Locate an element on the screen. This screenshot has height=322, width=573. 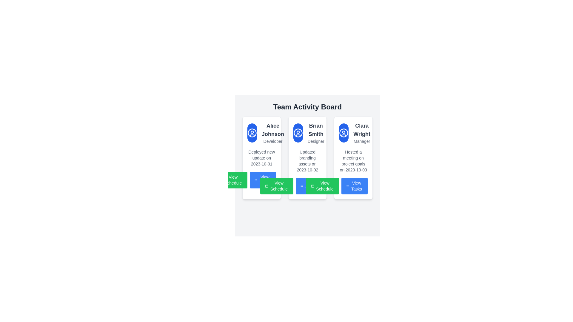
the 'Designer' text label, which is positioned in the second card of the 'Team Activity Board' interface, below the text 'Brian Smith' is located at coordinates (315, 141).